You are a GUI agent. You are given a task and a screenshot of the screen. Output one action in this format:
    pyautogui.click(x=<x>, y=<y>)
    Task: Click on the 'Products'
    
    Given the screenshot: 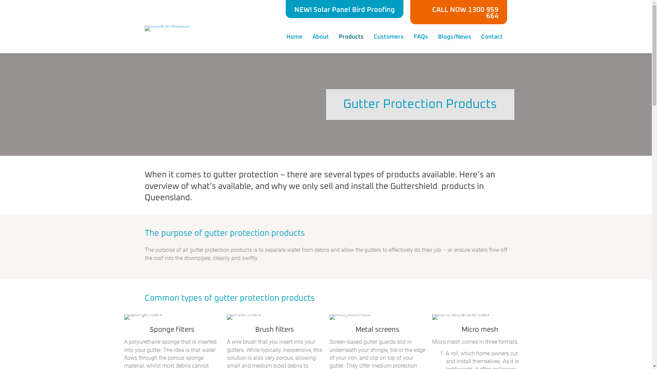 What is the action you would take?
    pyautogui.click(x=351, y=37)
    